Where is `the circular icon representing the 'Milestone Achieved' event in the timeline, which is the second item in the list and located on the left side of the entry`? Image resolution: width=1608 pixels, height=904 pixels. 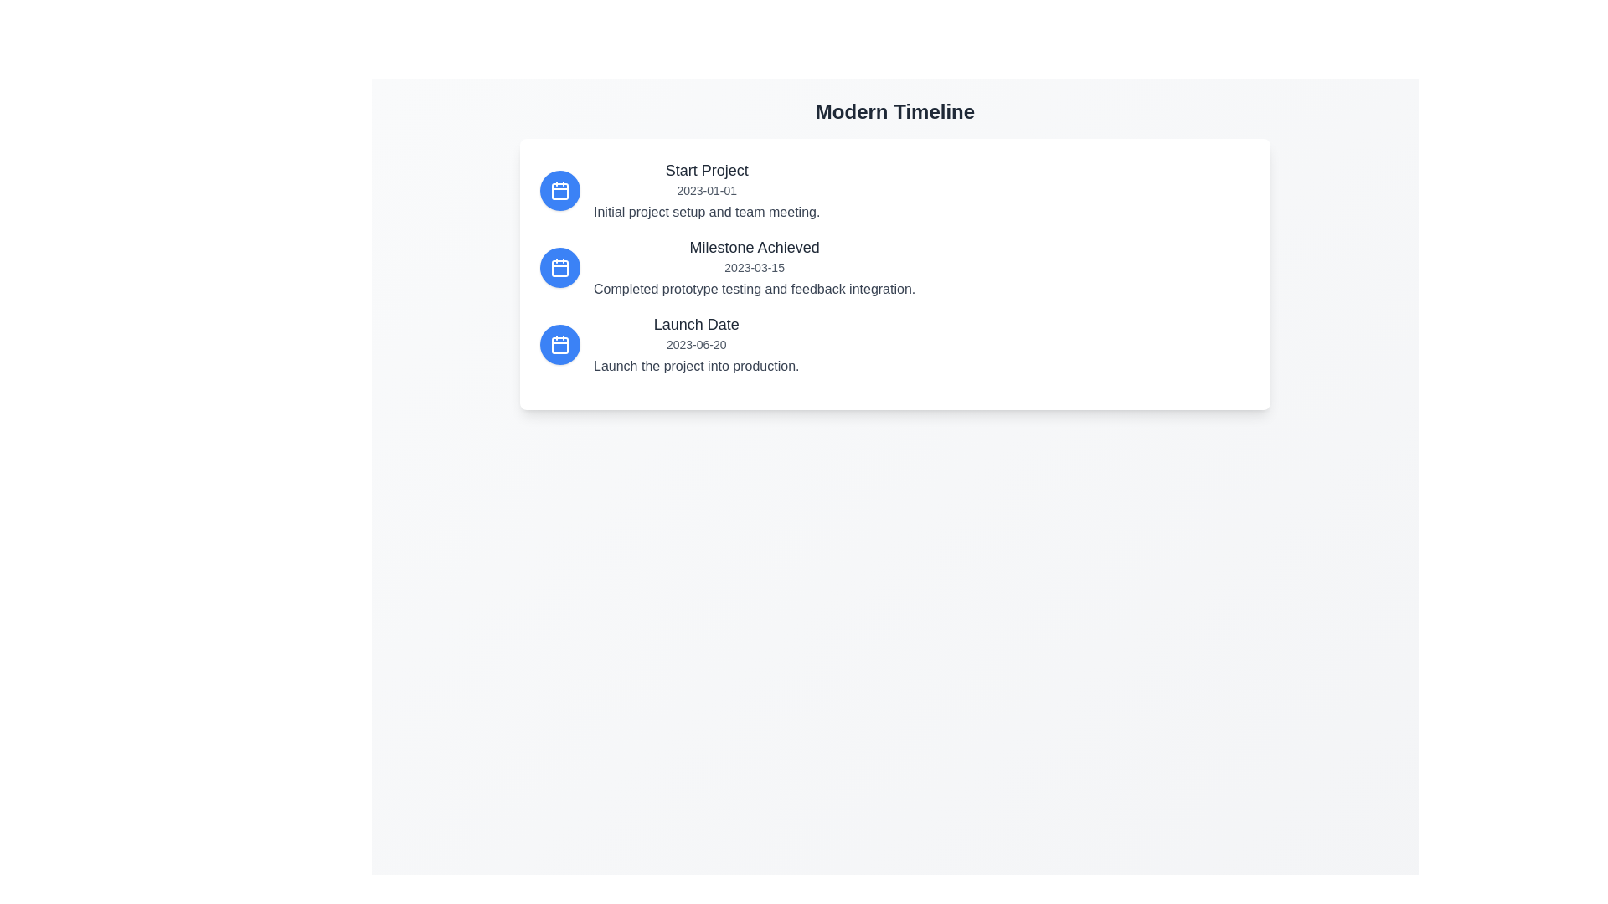
the circular icon representing the 'Milestone Achieved' event in the timeline, which is the second item in the list and located on the left side of the entry is located at coordinates (559, 267).